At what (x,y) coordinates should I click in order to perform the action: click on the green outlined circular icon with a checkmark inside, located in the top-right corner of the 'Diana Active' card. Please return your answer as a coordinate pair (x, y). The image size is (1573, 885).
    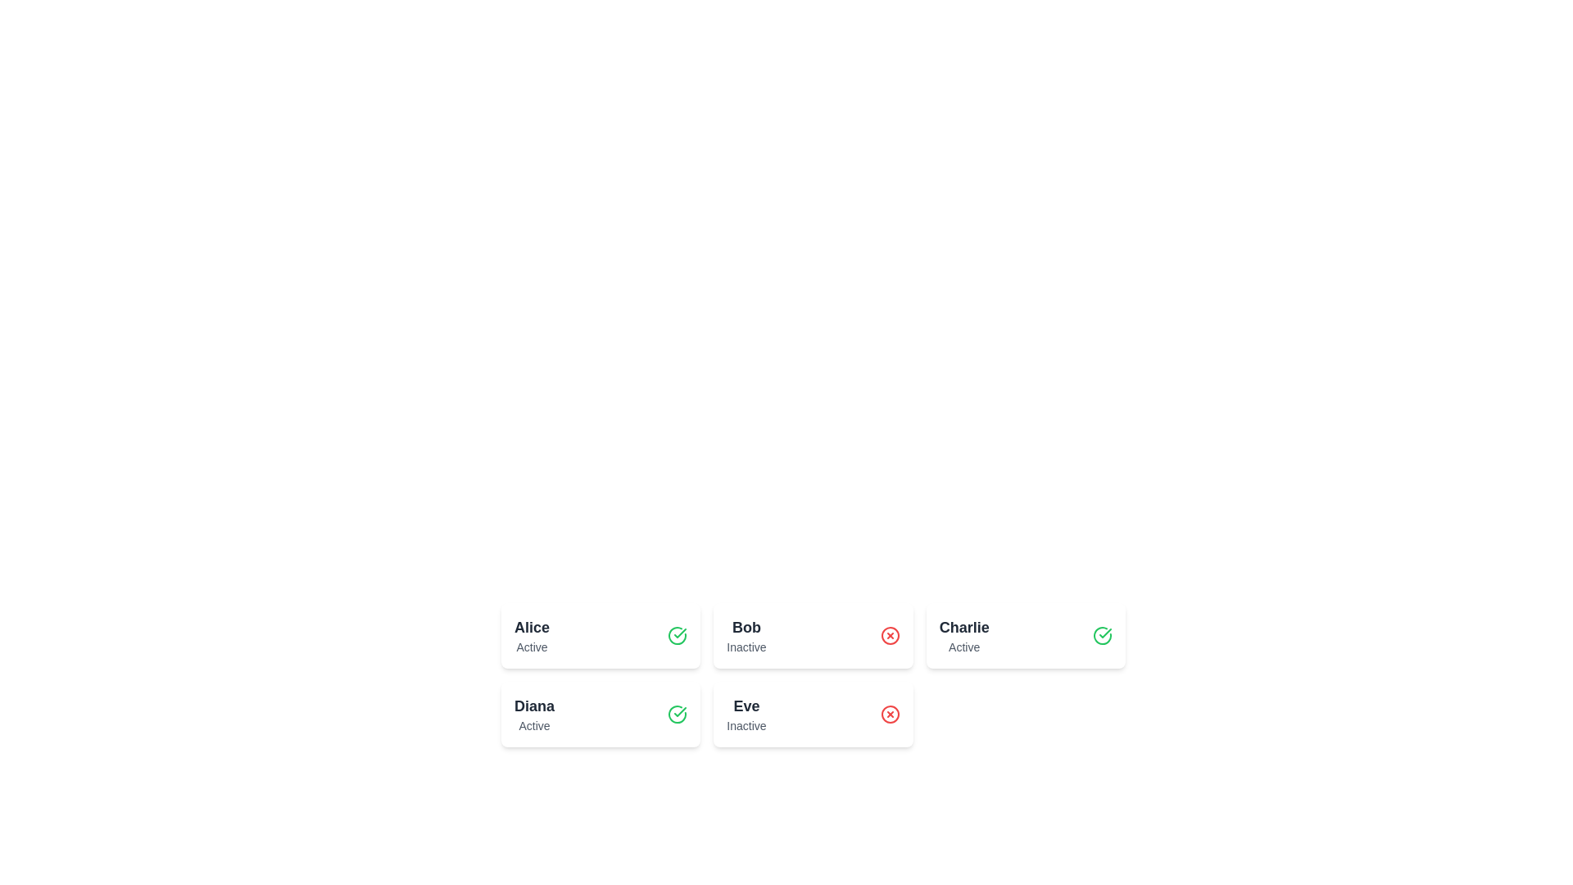
    Looking at the image, I should click on (678, 713).